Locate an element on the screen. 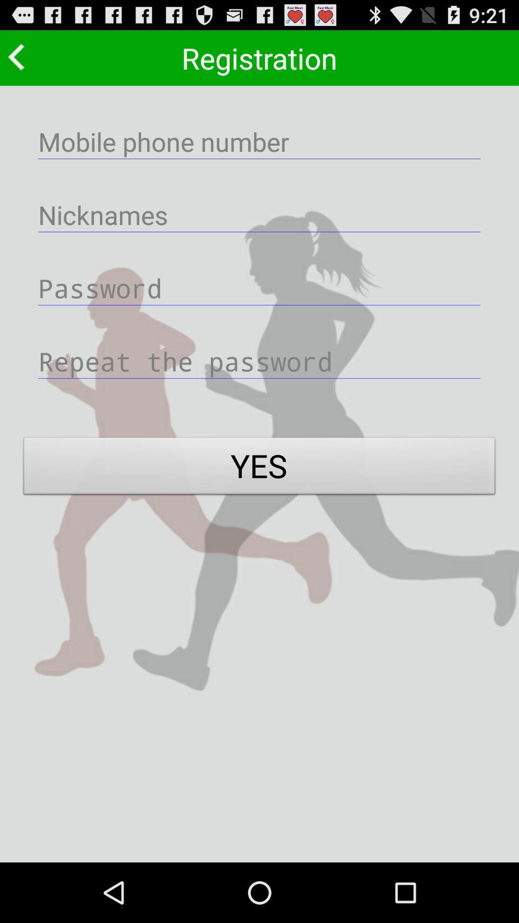 Image resolution: width=519 pixels, height=923 pixels. phone number is located at coordinates (259, 141).